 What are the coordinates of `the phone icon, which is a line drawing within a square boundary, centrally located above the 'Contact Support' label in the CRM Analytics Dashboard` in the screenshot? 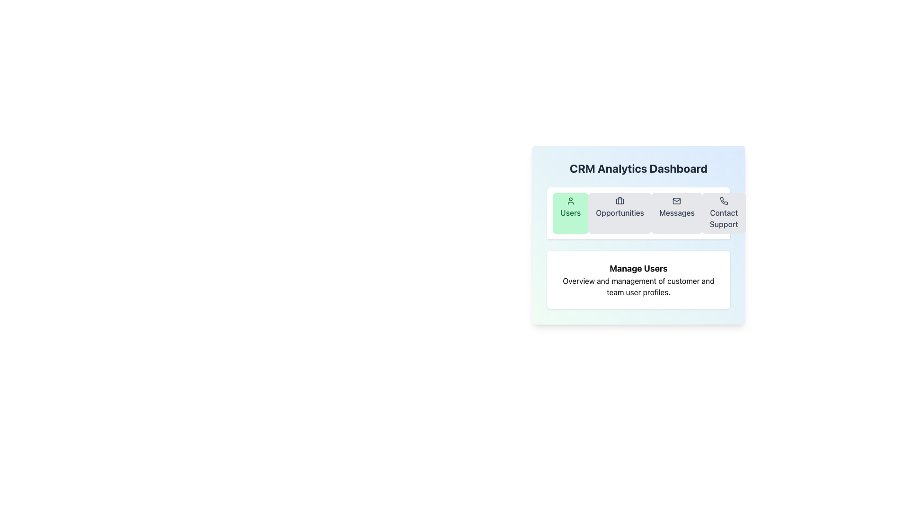 It's located at (723, 200).